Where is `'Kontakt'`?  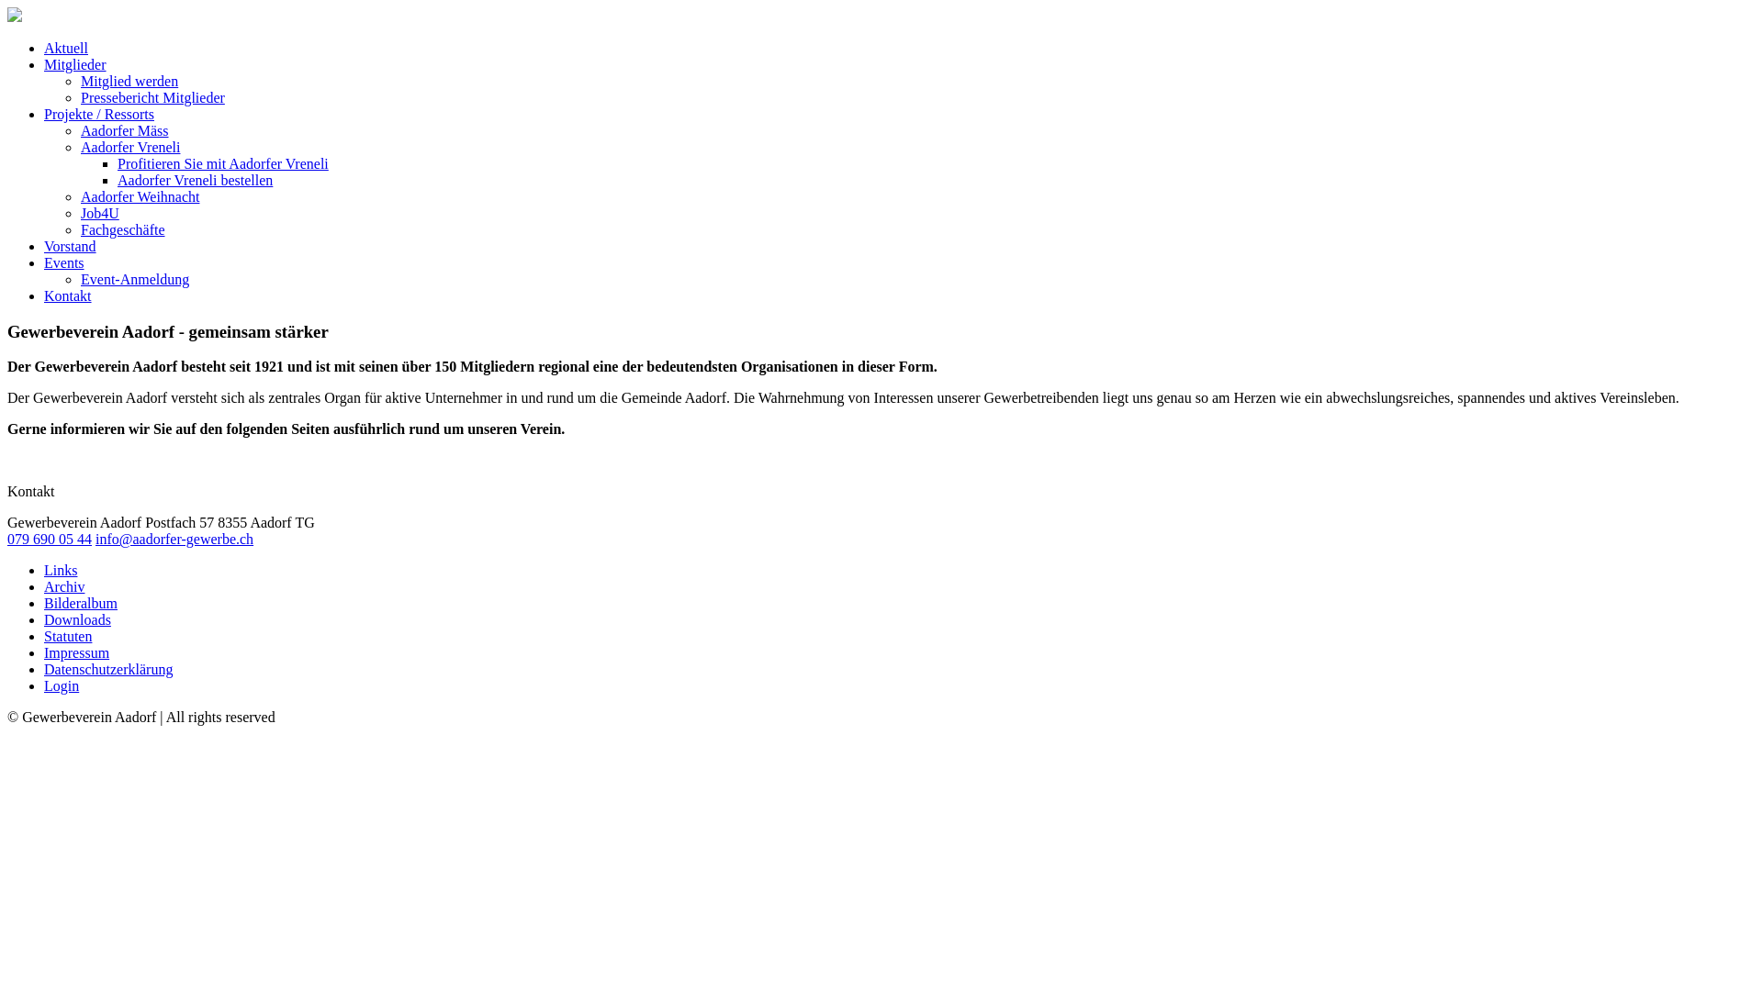 'Kontakt' is located at coordinates (67, 295).